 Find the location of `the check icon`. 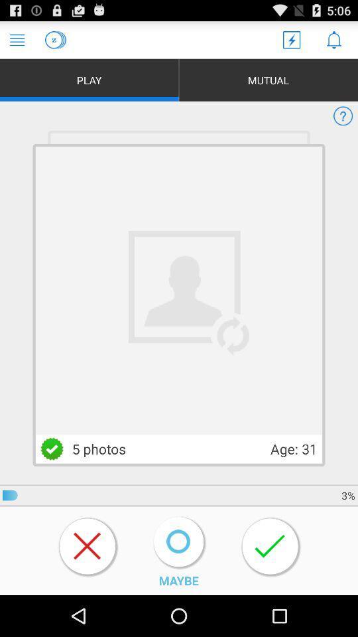

the check icon is located at coordinates (51, 480).